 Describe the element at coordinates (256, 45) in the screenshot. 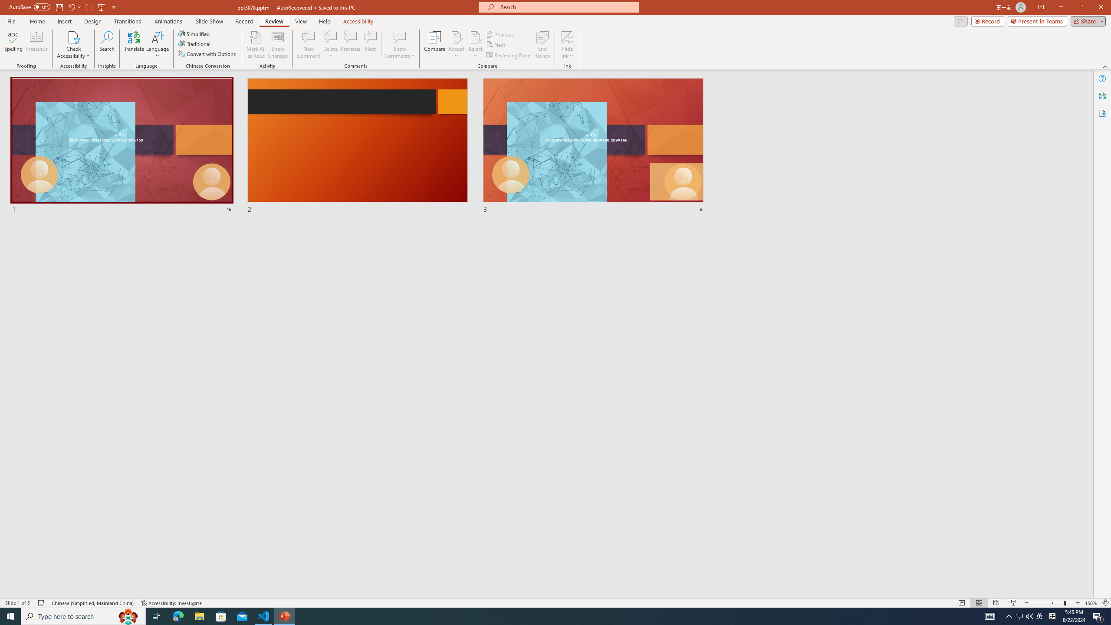

I see `'Mark All as Read'` at that location.